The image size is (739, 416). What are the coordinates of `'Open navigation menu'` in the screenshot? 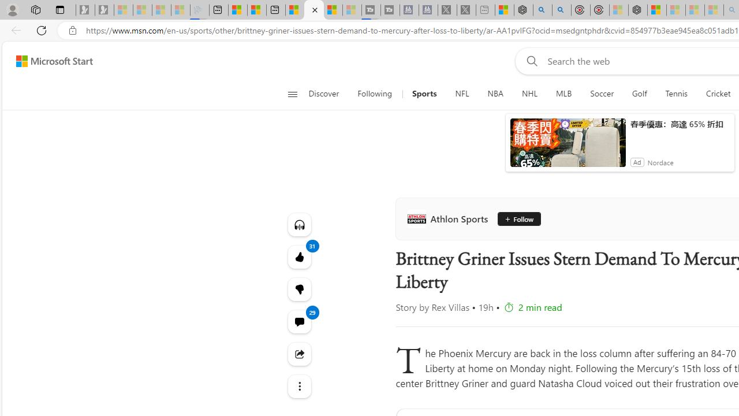 It's located at (292, 94).